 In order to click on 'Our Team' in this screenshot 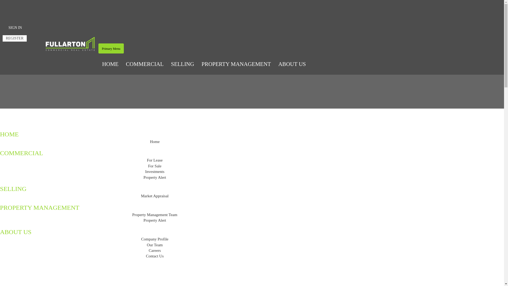, I will do `click(155, 245)`.